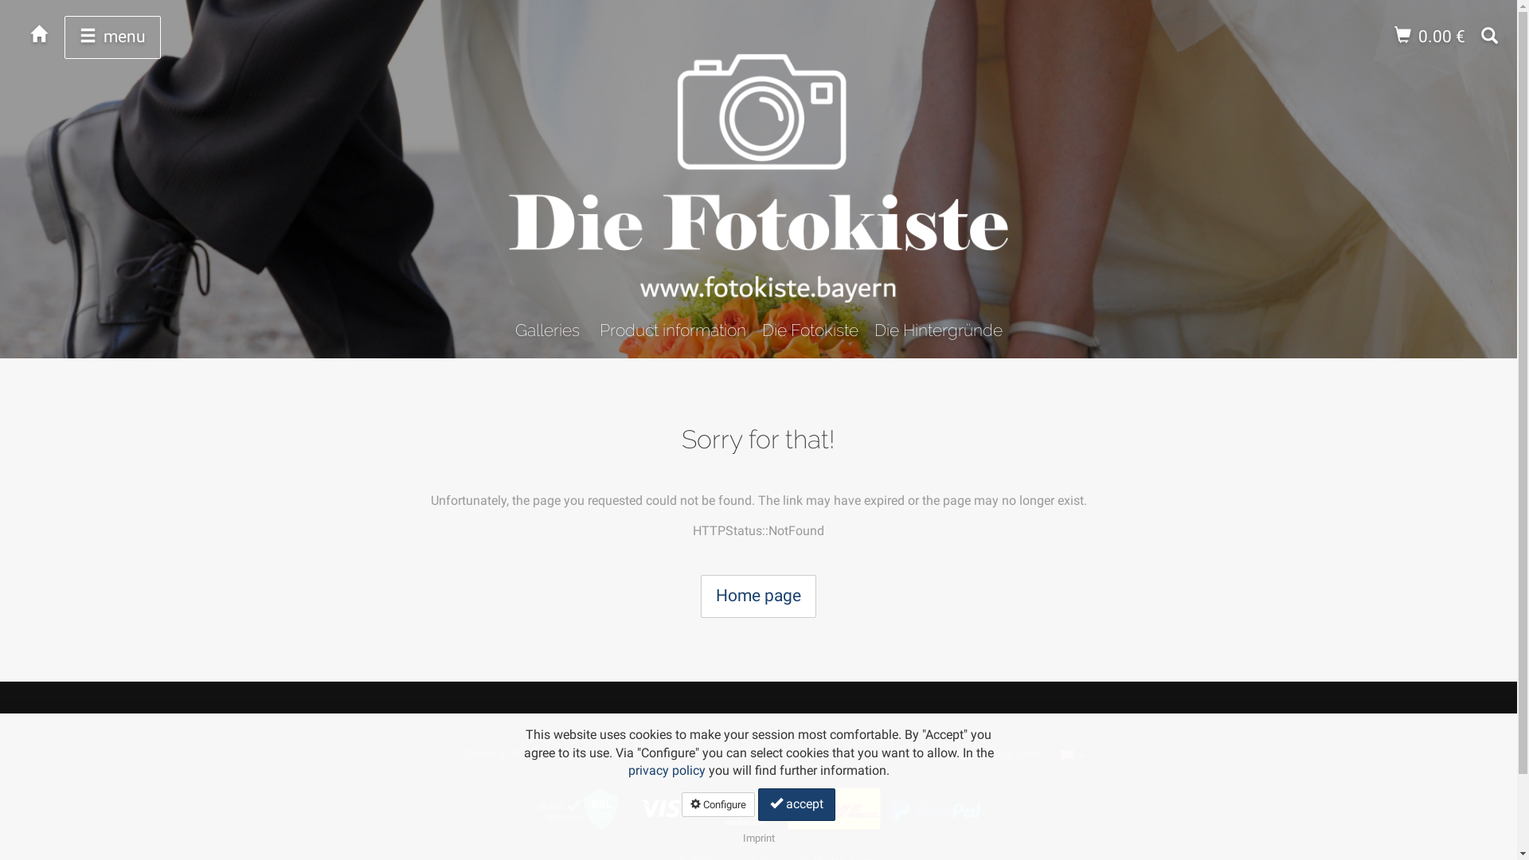  I want to click on 'Die Fotokiste', so click(760, 329).